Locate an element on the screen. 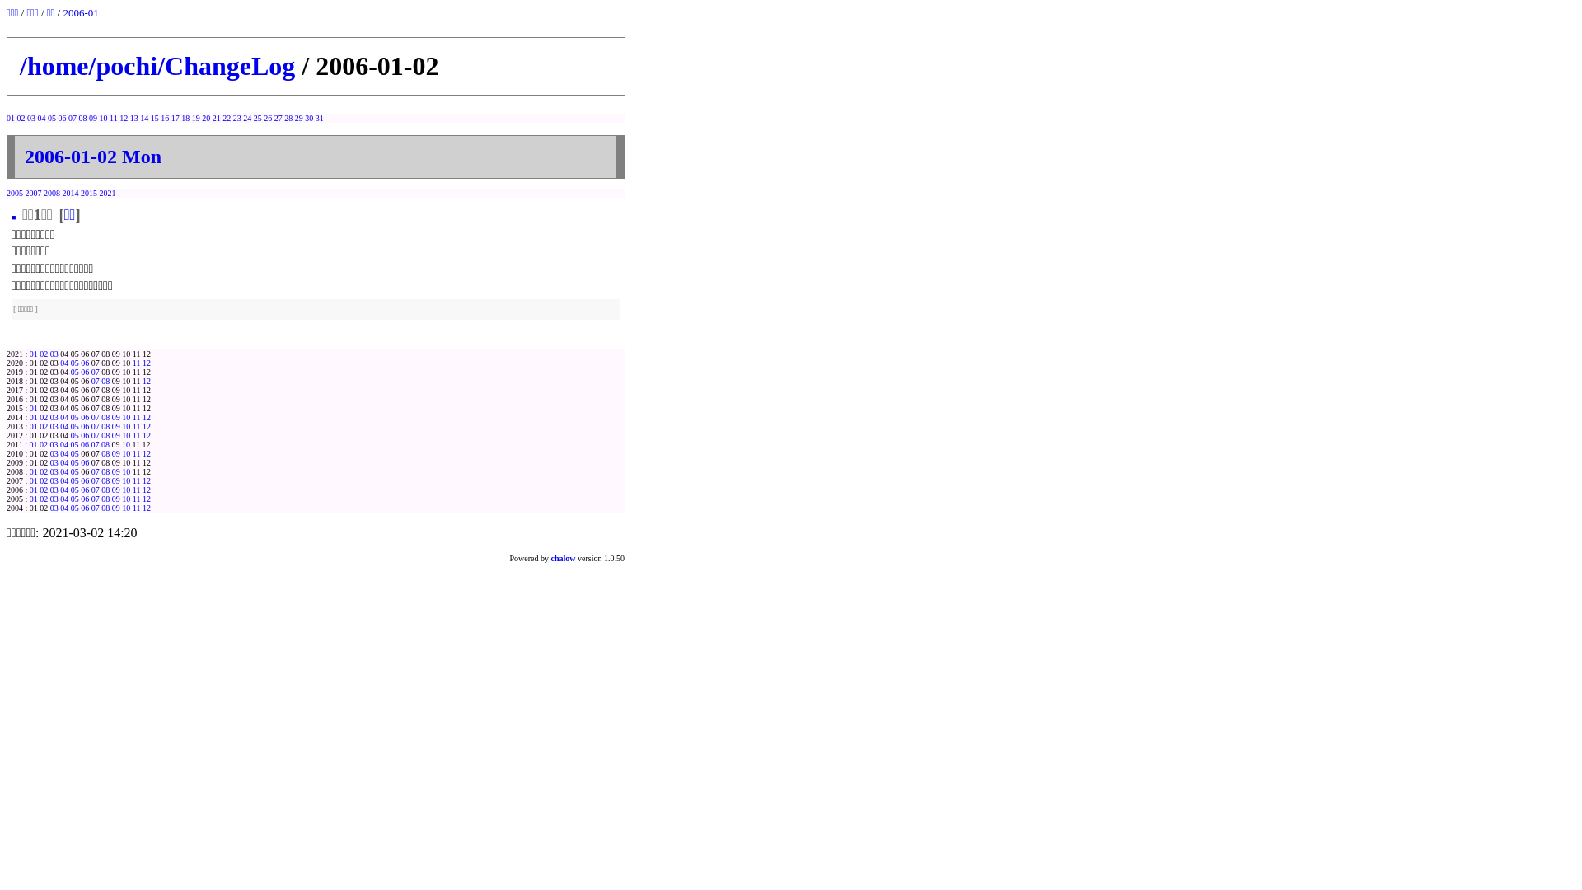 The image size is (1582, 890). '11' is located at coordinates (137, 489).